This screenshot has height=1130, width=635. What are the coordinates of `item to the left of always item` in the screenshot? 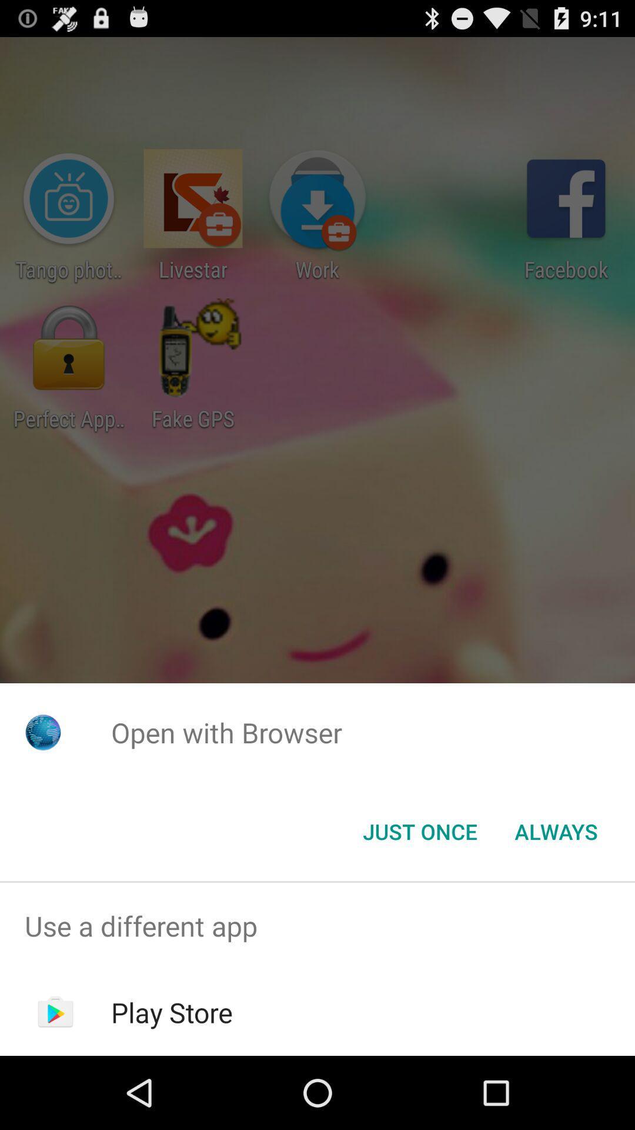 It's located at (419, 830).